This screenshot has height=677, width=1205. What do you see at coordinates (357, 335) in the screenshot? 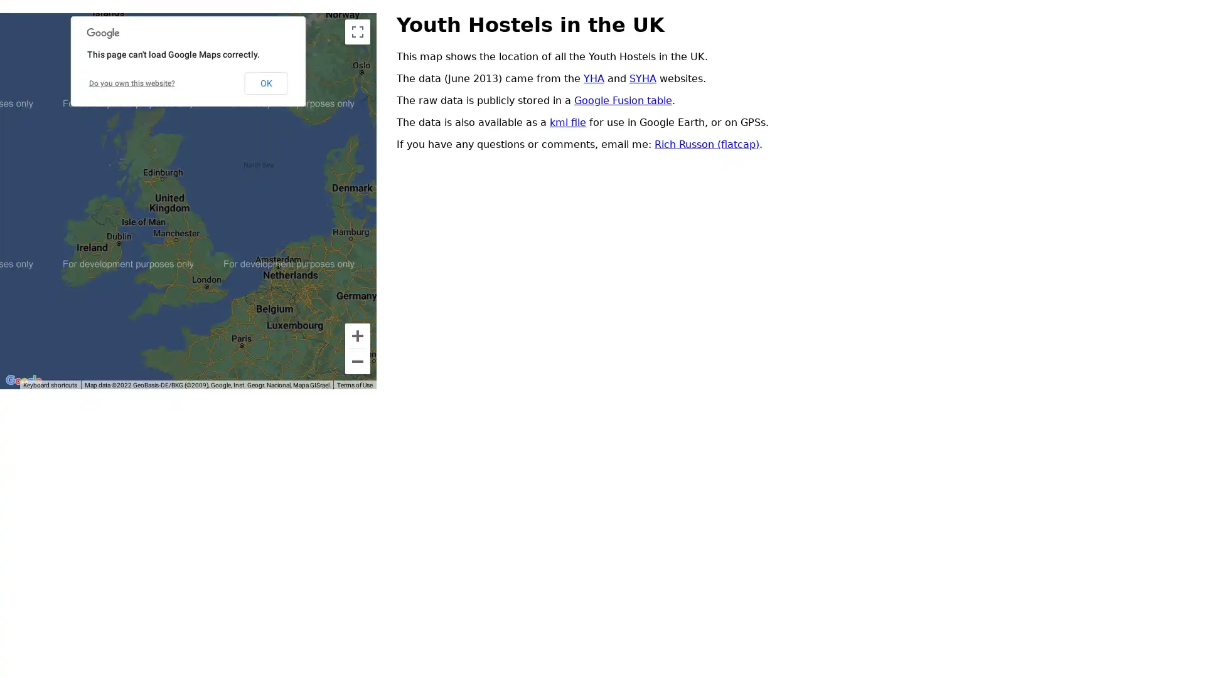
I see `Zoom in` at bounding box center [357, 335].